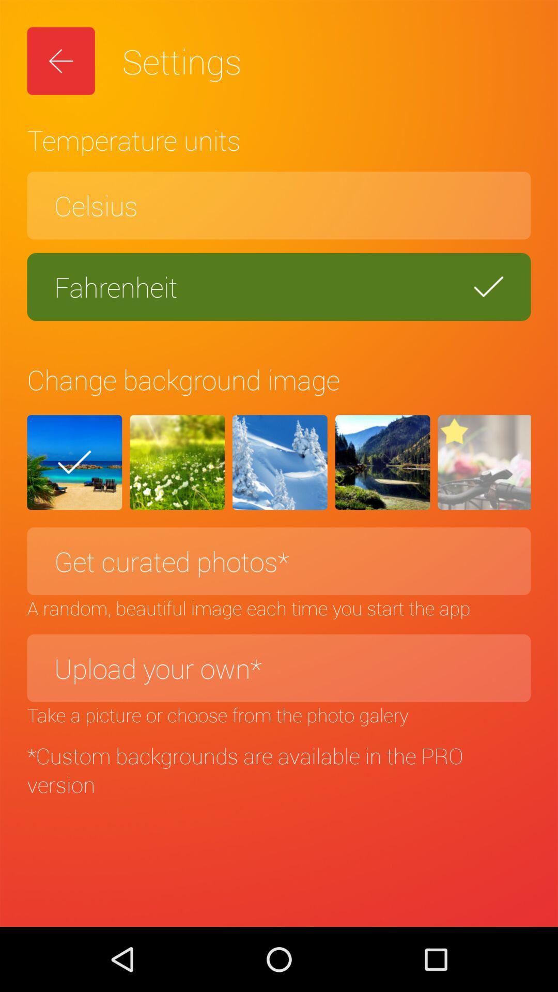  What do you see at coordinates (61, 60) in the screenshot?
I see `the arrow_backward icon` at bounding box center [61, 60].